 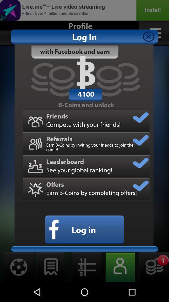 I want to click on move to icon which is left to text offers, so click(x=35, y=189).